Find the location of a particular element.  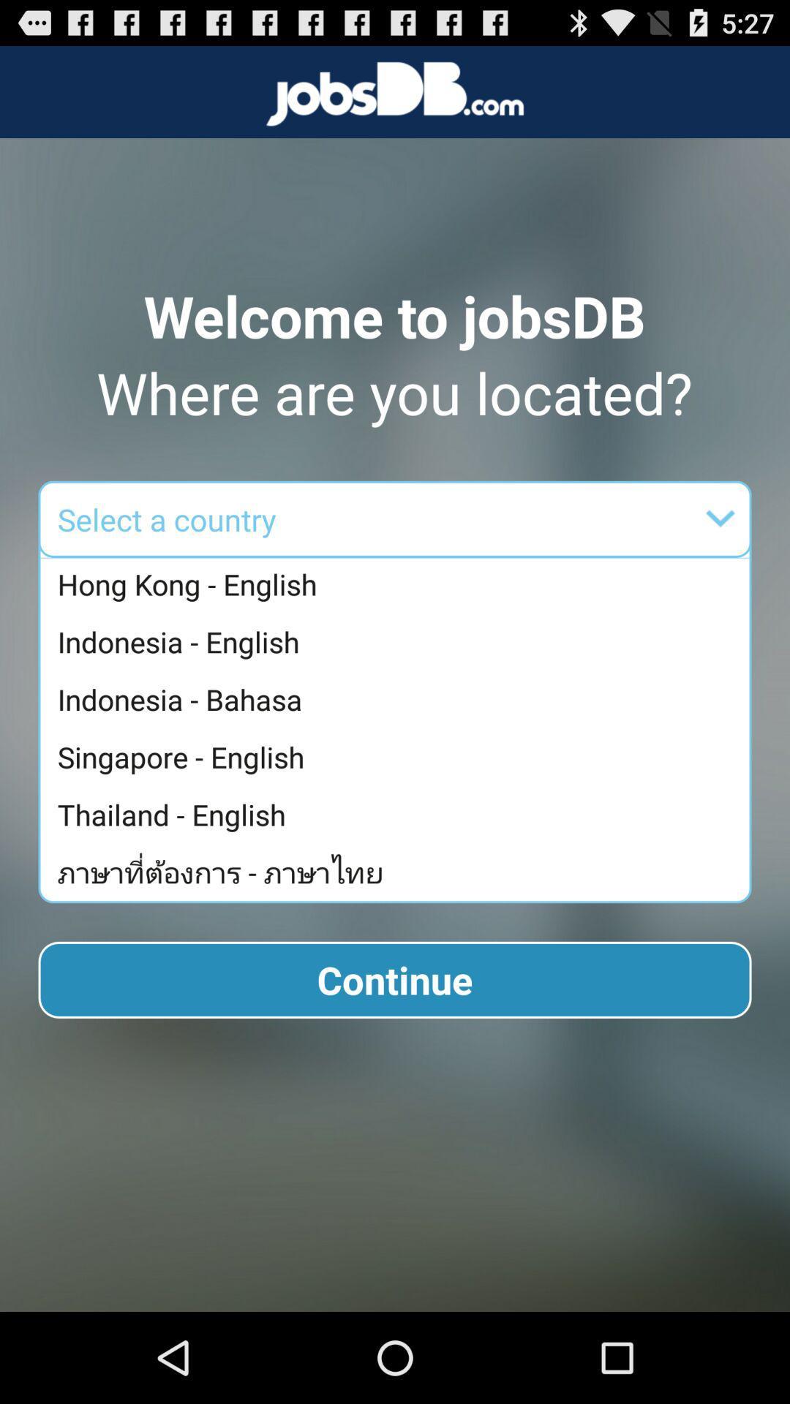

the icon below singapore - english app is located at coordinates (399, 814).